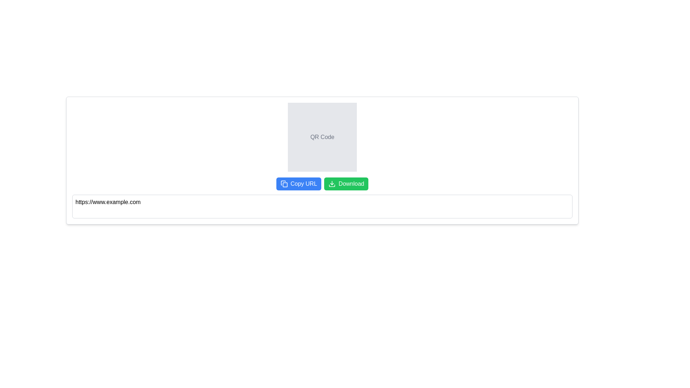 The image size is (690, 388). What do you see at coordinates (332, 184) in the screenshot?
I see `the green 'Download' button that contains the downward-pointing arrow icon, which is located at the bottom-right part of the interface` at bounding box center [332, 184].